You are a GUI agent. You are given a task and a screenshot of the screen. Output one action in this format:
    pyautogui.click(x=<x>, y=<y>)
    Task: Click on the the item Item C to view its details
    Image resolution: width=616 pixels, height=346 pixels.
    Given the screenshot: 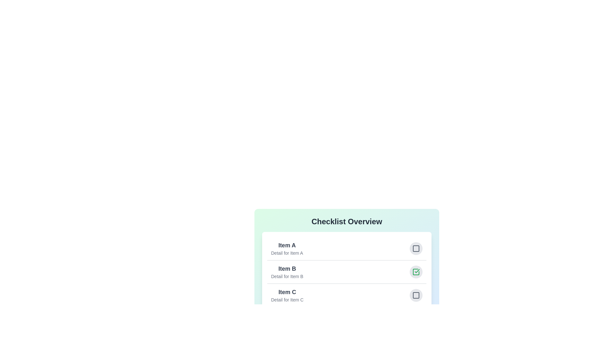 What is the action you would take?
    pyautogui.click(x=346, y=295)
    